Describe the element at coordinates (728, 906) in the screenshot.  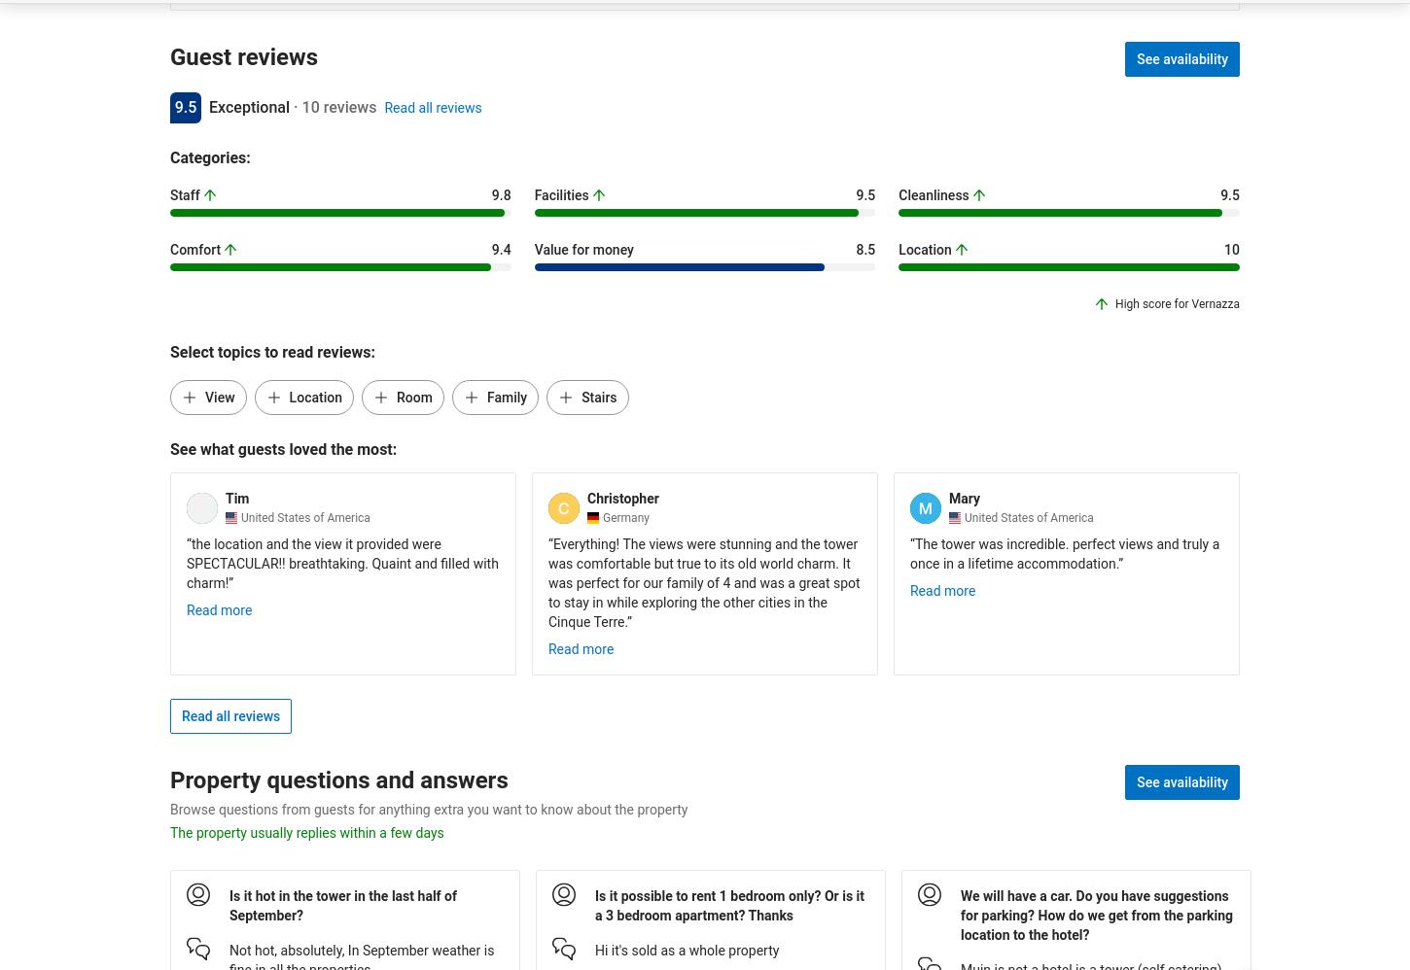
I see `'Is it possible to rent 1 bedroom only? Or is it a 3 bedroom apartment? Thanks'` at that location.